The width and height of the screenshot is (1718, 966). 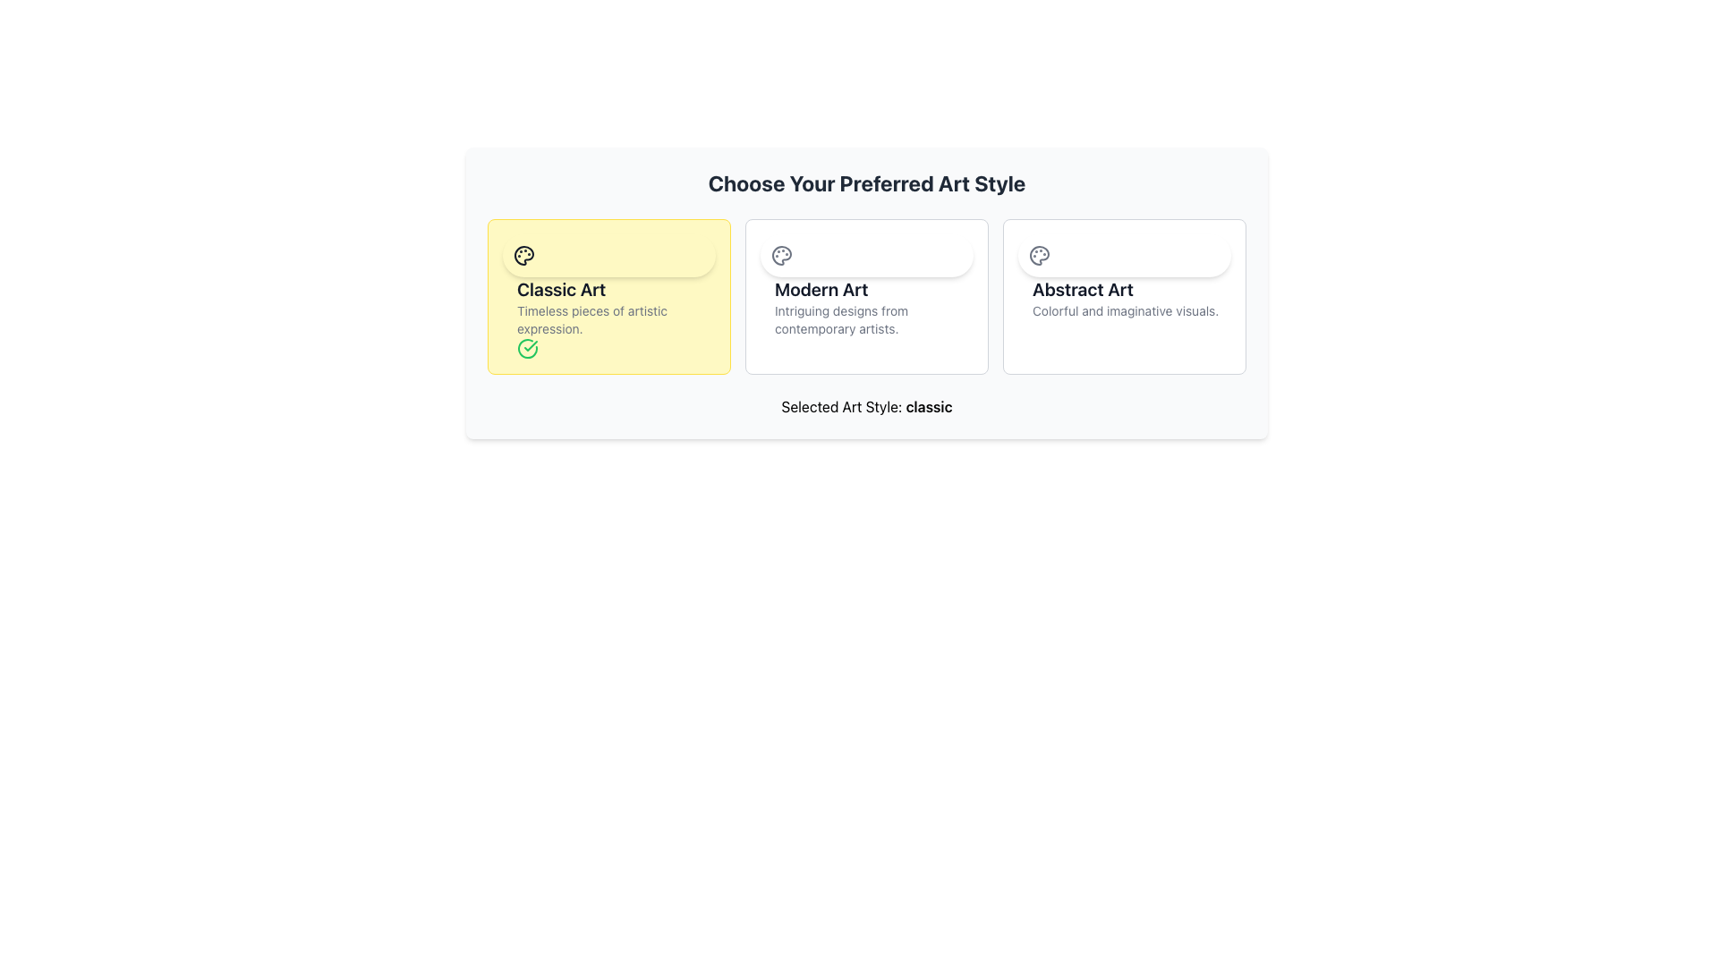 I want to click on the circular check mark icon with a green border located at the bottom-left corner of the highlighted yellow 'Classic Art' box, so click(x=527, y=348).